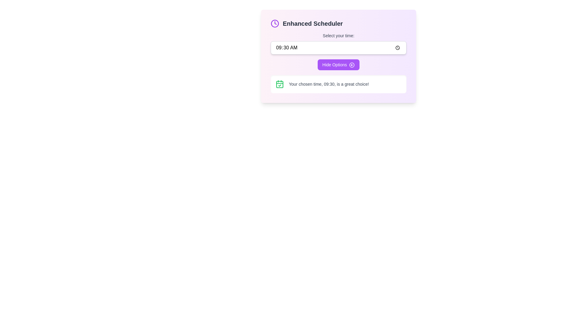 The image size is (582, 327). Describe the element at coordinates (279, 84) in the screenshot. I see `the calendar icon with a check mark inside, positioned to the left of the text caption` at that location.